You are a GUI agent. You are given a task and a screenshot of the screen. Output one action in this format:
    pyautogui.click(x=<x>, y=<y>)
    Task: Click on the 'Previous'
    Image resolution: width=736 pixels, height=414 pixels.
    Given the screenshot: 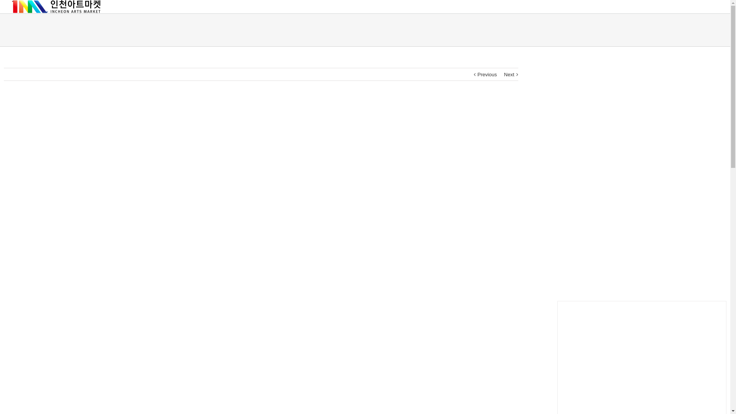 What is the action you would take?
    pyautogui.click(x=487, y=75)
    